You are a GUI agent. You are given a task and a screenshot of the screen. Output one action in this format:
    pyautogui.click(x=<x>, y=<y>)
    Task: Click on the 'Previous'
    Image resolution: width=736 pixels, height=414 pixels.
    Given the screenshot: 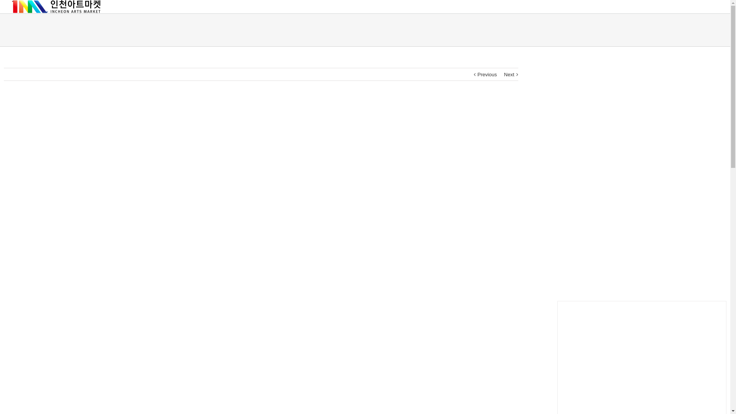 What is the action you would take?
    pyautogui.click(x=487, y=75)
    